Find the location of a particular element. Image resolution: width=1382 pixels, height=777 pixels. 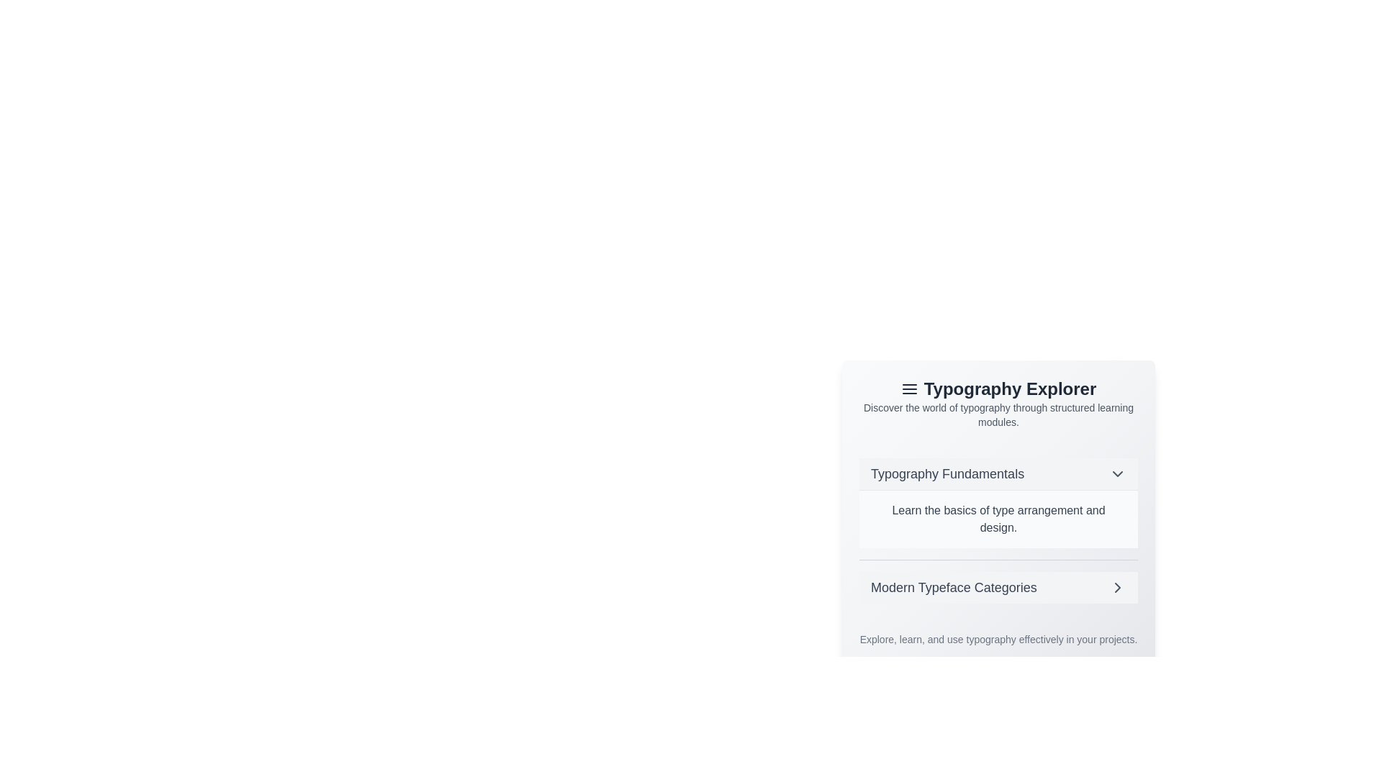

the clickable list item labeled 'Modern Typeface Categories' to indicate selection is located at coordinates (998, 588).